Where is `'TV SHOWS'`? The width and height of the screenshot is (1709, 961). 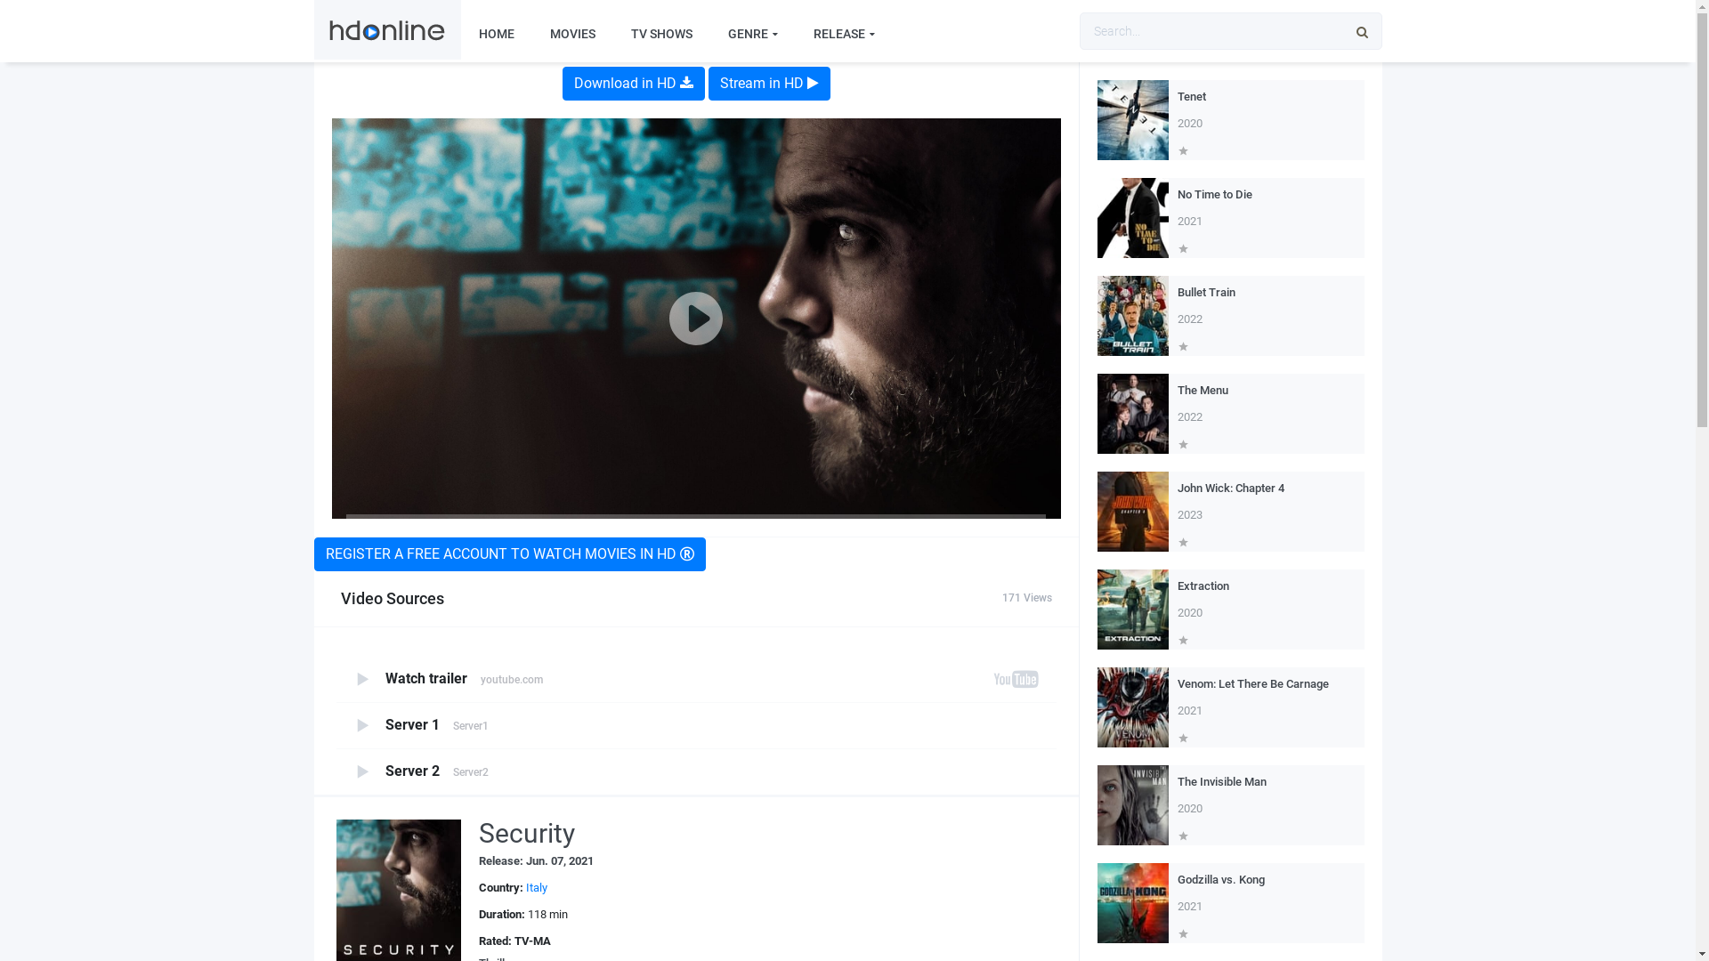 'TV SHOWS' is located at coordinates (660, 34).